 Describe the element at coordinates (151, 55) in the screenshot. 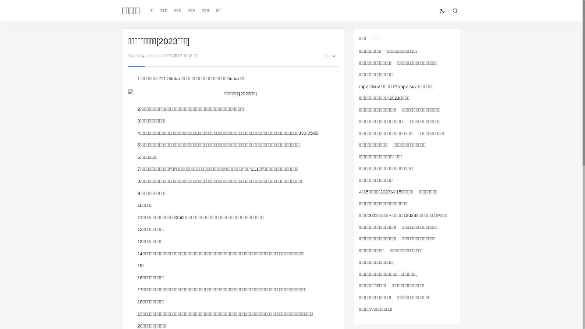

I see `'admin'` at that location.